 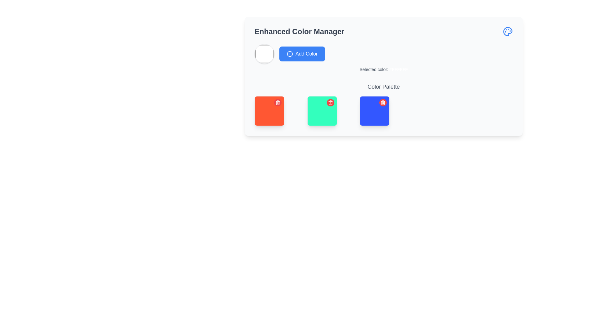 What do you see at coordinates (383, 58) in the screenshot?
I see `the circular color display in the Composite component` at bounding box center [383, 58].